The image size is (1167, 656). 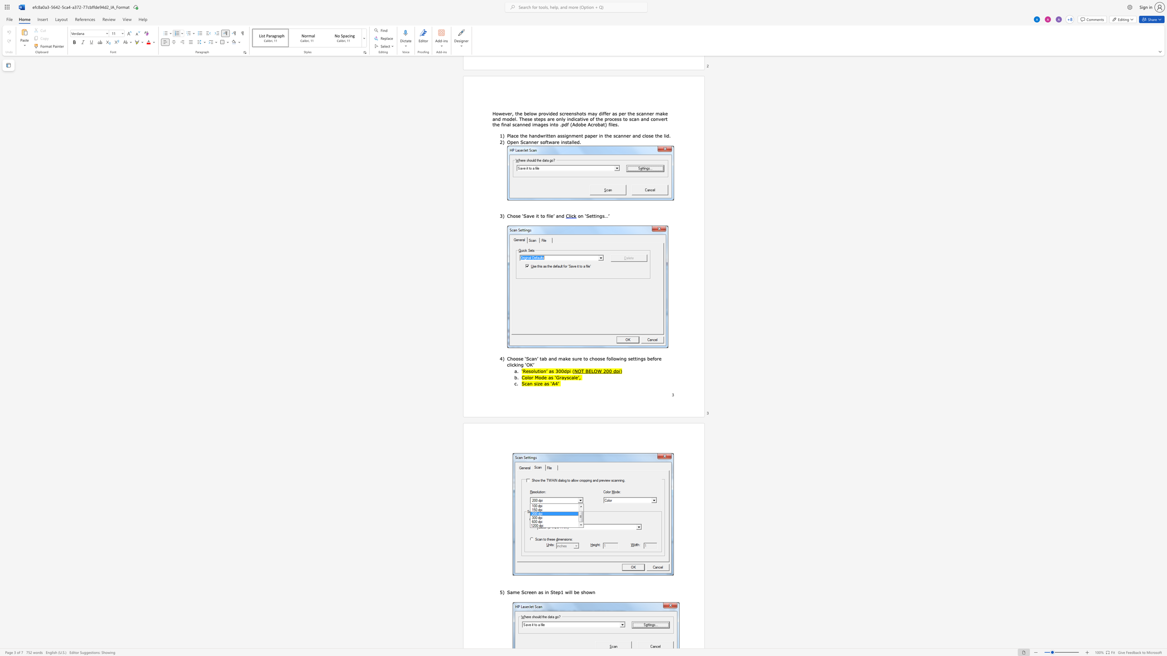 What do you see at coordinates (541, 377) in the screenshot?
I see `the space between the continuous character "o" and "d" in the text` at bounding box center [541, 377].